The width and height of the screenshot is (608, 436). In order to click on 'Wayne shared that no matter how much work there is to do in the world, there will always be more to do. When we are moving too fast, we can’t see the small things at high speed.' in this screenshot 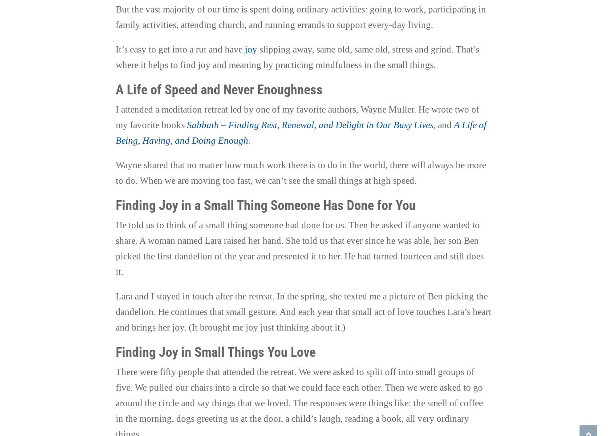, I will do `click(300, 173)`.